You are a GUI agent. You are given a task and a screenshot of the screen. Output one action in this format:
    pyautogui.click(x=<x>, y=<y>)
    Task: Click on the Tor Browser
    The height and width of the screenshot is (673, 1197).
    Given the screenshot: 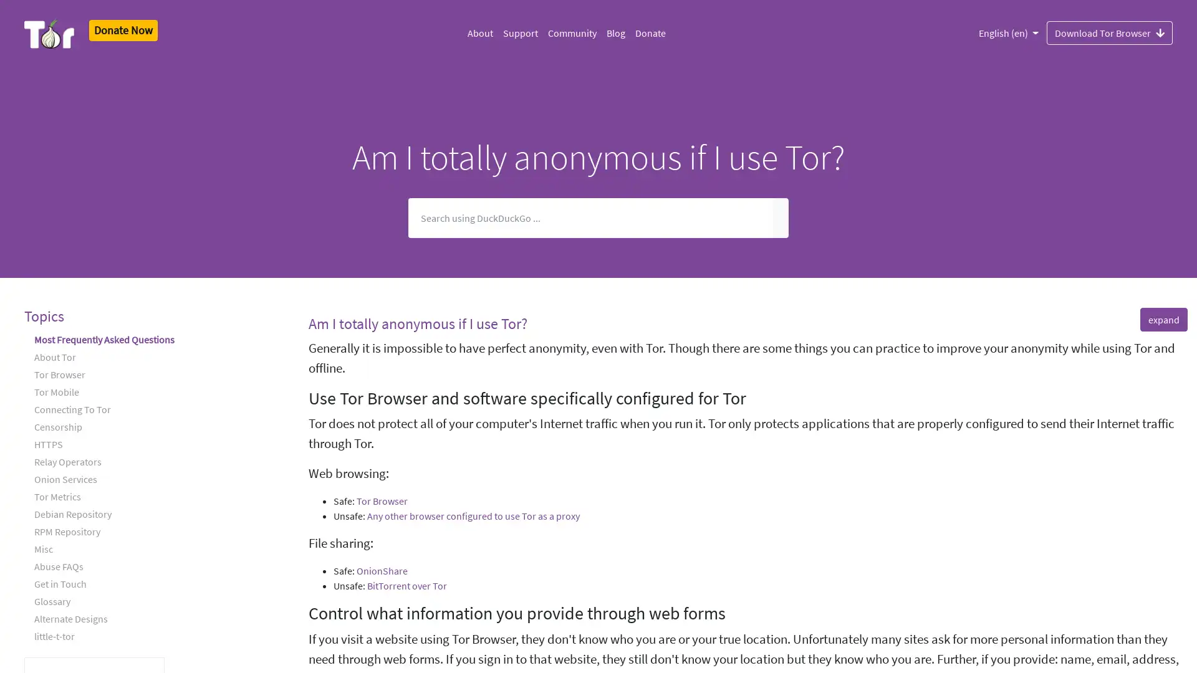 What is the action you would take?
    pyautogui.click(x=154, y=373)
    